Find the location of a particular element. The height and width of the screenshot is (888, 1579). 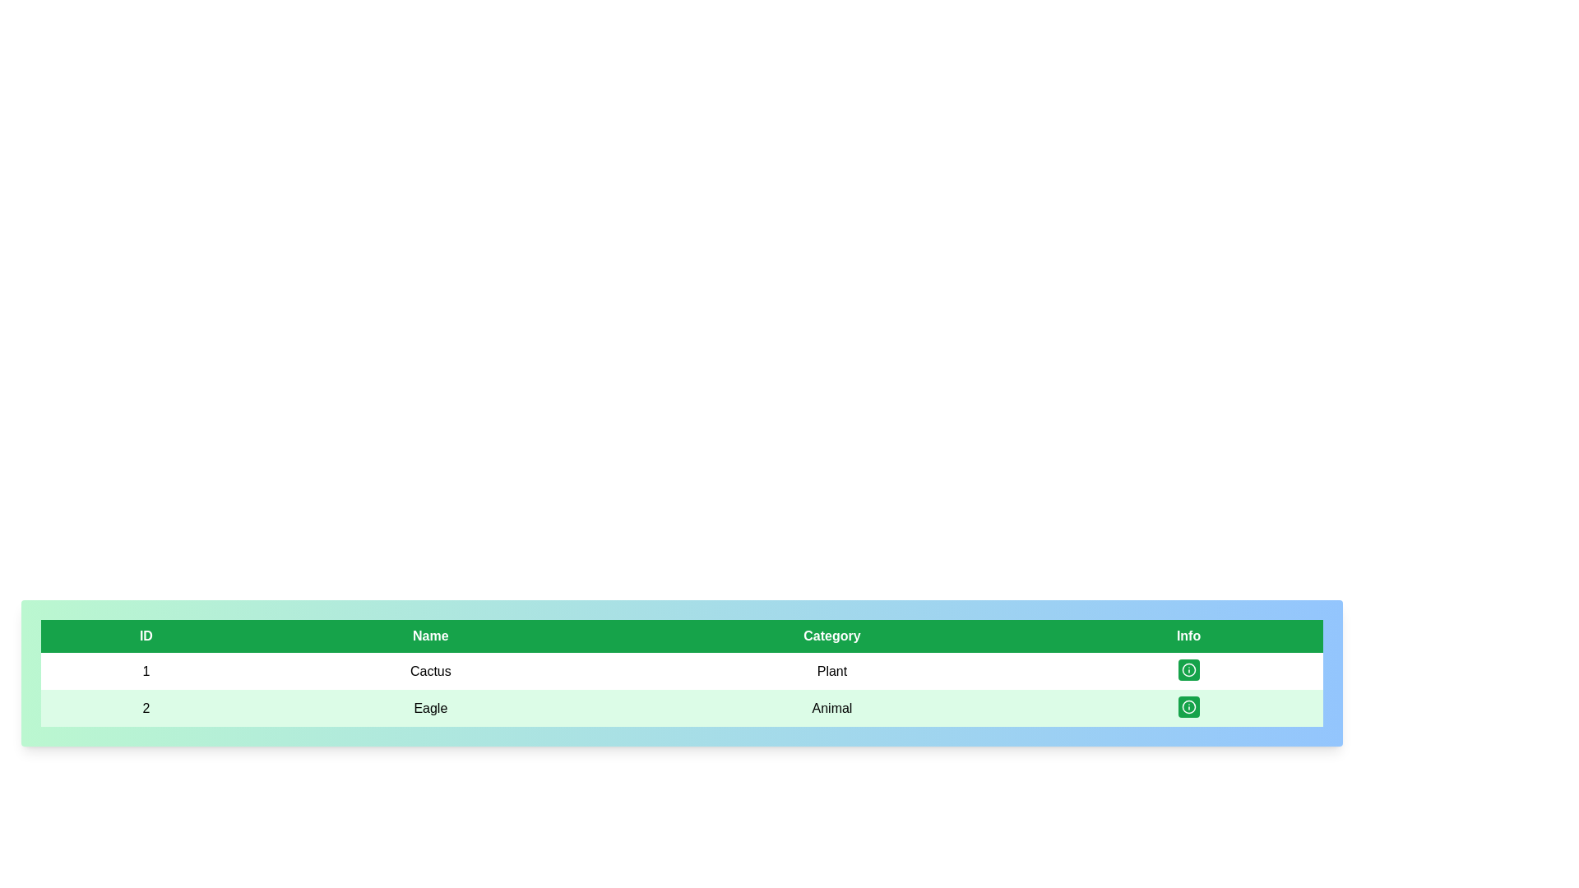

the green circular icon button with a white outline and an 'i' symbol located in the 'Info' column of the first row in the table is located at coordinates (1188, 671).